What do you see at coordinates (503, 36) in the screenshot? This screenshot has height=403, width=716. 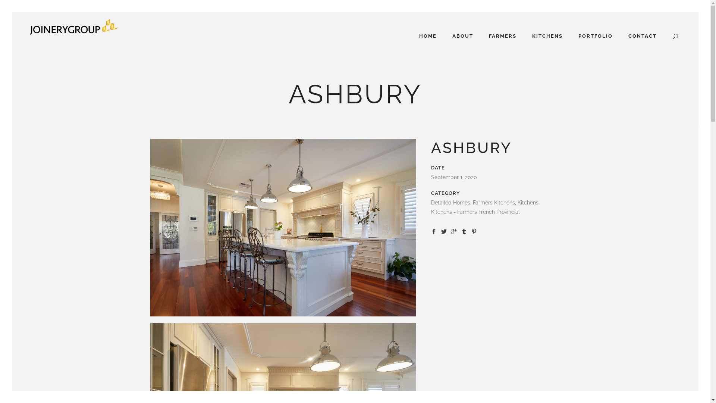 I see `'FARMERS'` at bounding box center [503, 36].